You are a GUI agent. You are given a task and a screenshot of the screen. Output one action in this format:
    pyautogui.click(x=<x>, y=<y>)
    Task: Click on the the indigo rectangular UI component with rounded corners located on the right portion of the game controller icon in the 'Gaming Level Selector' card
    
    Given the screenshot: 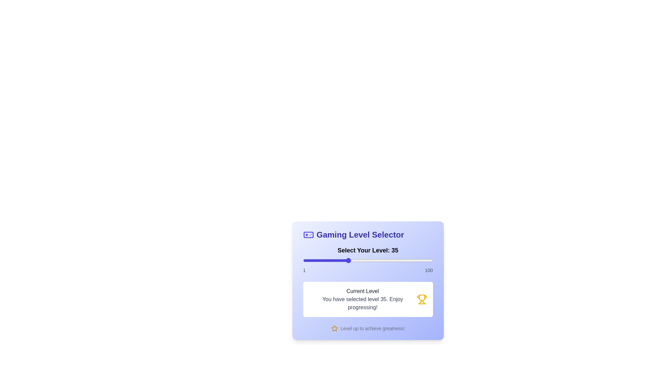 What is the action you would take?
    pyautogui.click(x=308, y=234)
    